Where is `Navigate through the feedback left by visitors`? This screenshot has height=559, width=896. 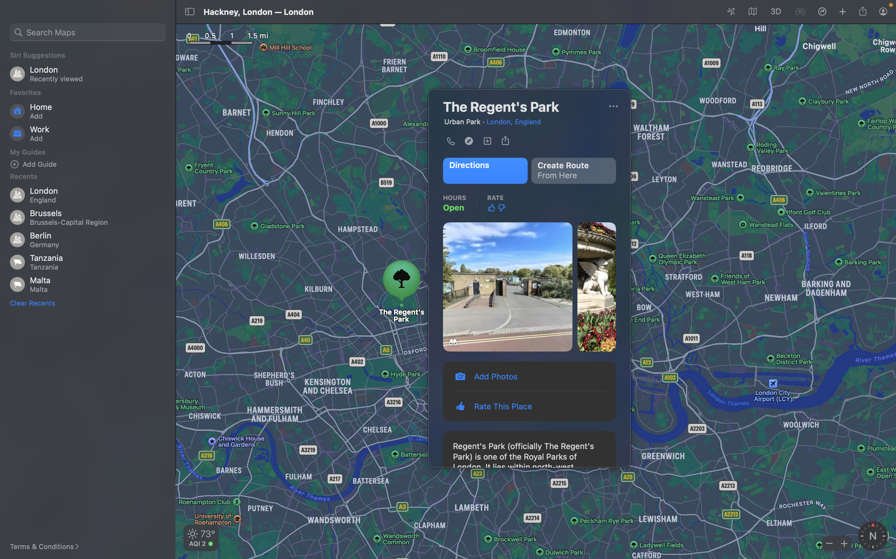 Navigate through the feedback left by visitors is located at coordinates (1525440, 521826).